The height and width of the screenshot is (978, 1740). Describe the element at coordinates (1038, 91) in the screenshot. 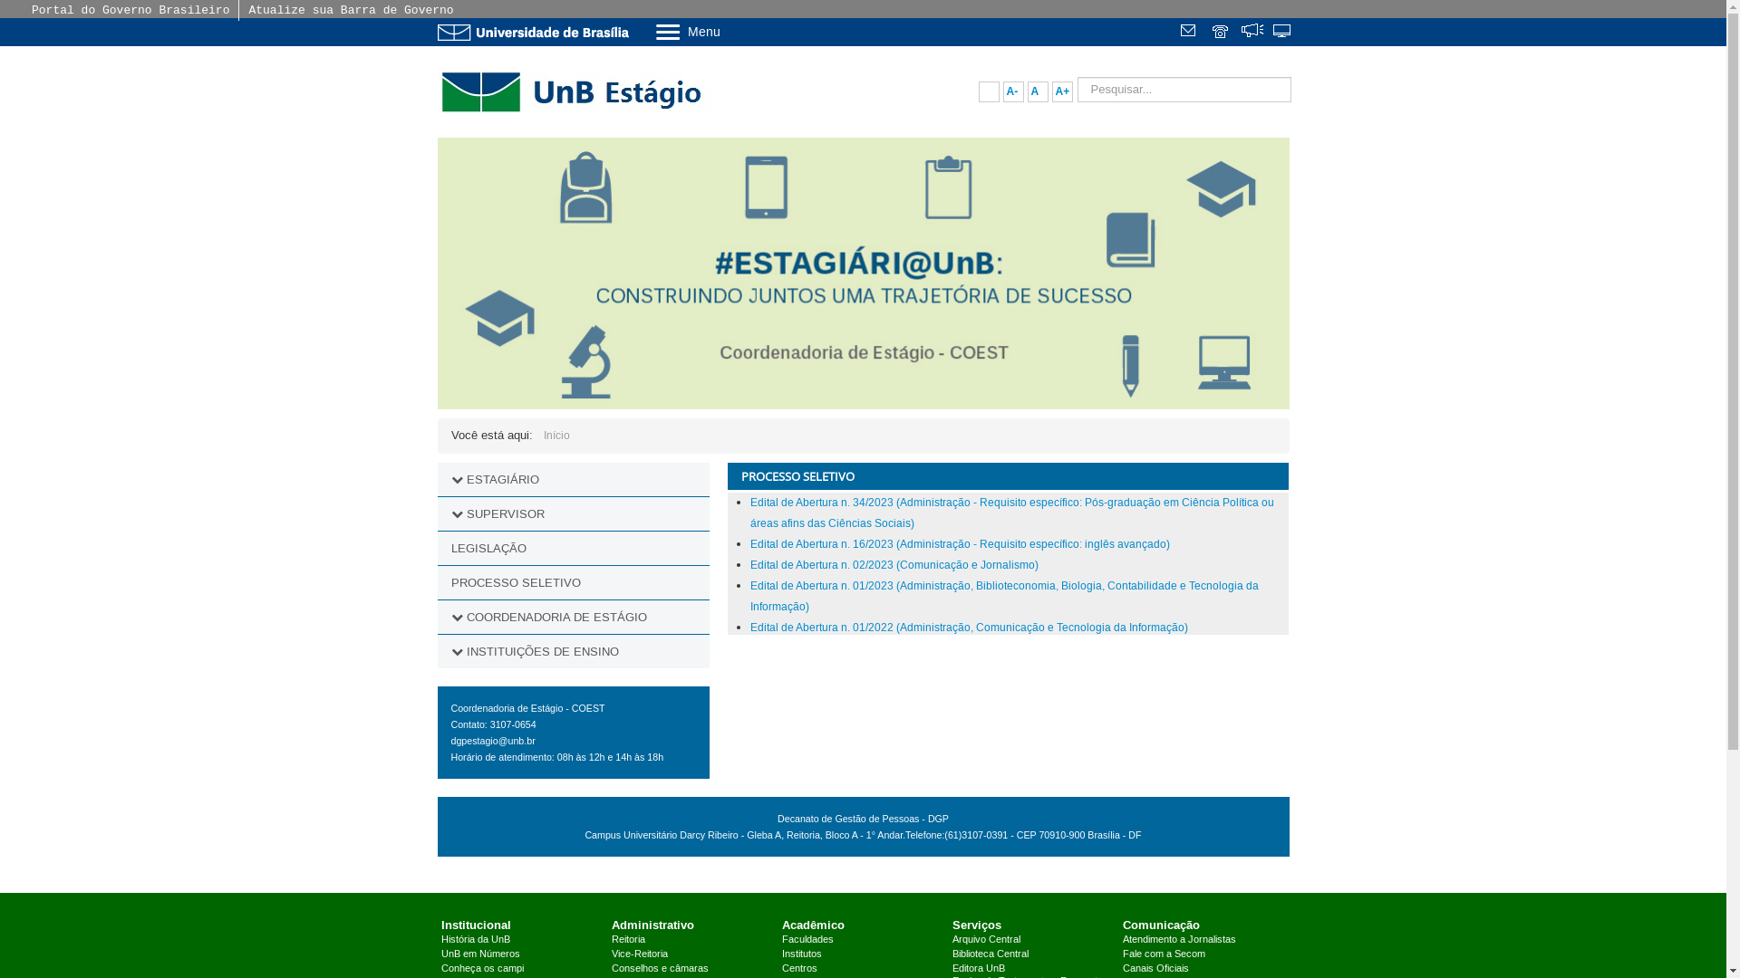

I see `'A'` at that location.